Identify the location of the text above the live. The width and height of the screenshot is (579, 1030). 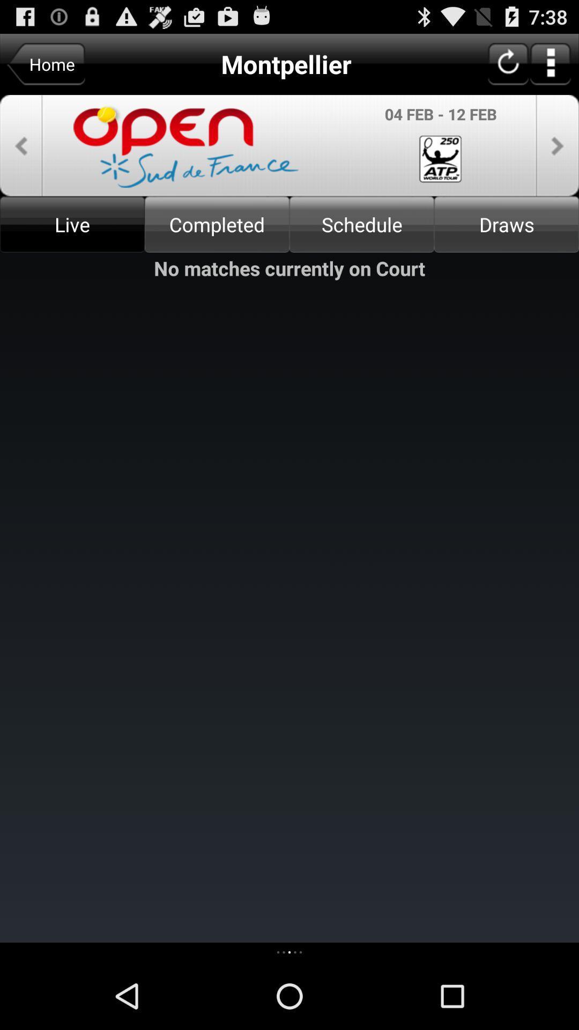
(185, 145).